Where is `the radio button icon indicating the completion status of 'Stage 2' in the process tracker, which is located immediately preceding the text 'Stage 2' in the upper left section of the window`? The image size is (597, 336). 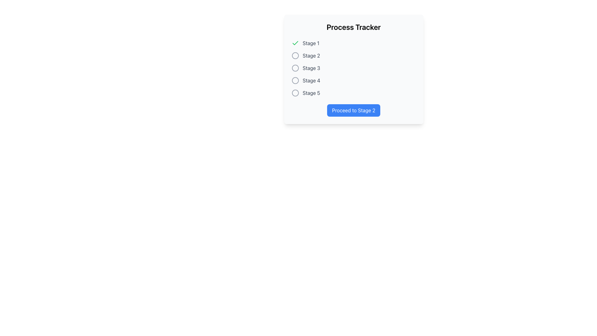
the radio button icon indicating the completion status of 'Stage 2' in the process tracker, which is located immediately preceding the text 'Stage 2' in the upper left section of the window is located at coordinates (295, 55).